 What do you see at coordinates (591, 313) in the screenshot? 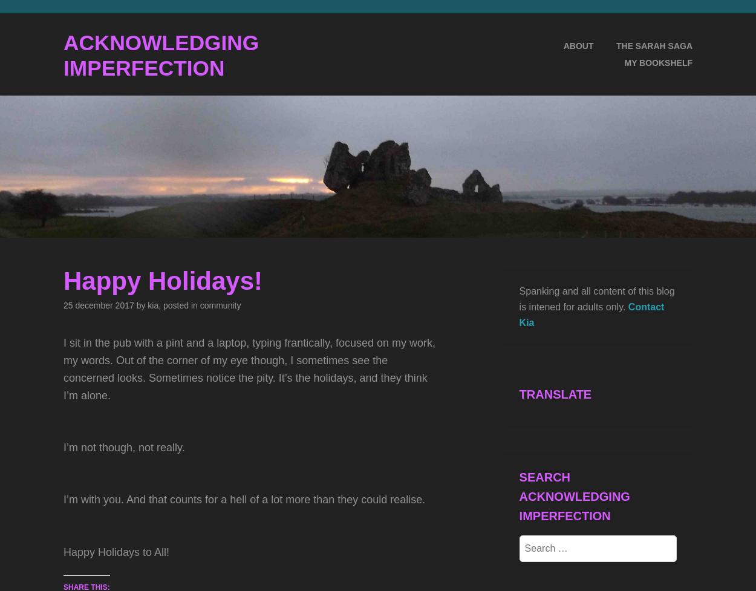
I see `'Contact Kia'` at bounding box center [591, 313].